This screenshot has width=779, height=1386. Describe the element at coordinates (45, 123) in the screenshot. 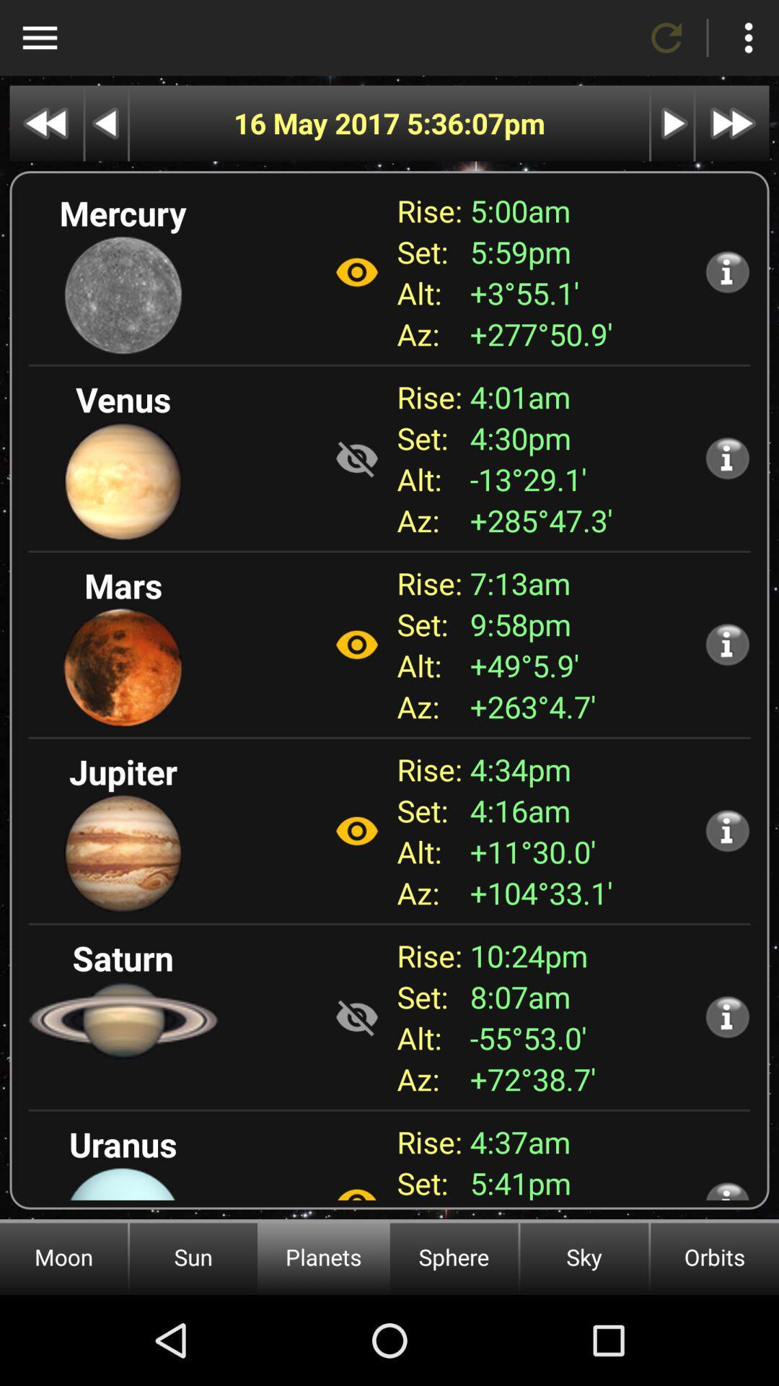

I see `go back` at that location.